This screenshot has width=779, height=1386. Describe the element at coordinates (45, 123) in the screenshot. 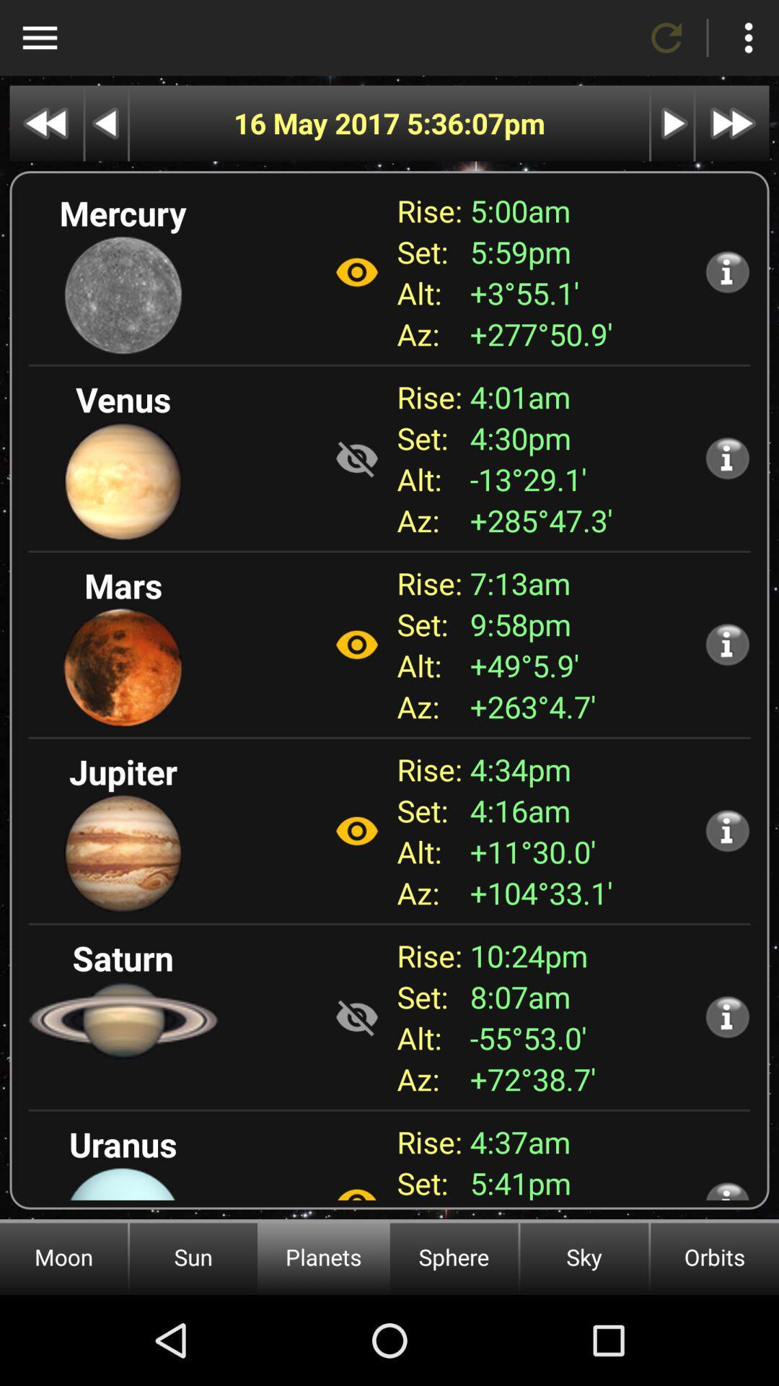

I see `go back` at that location.